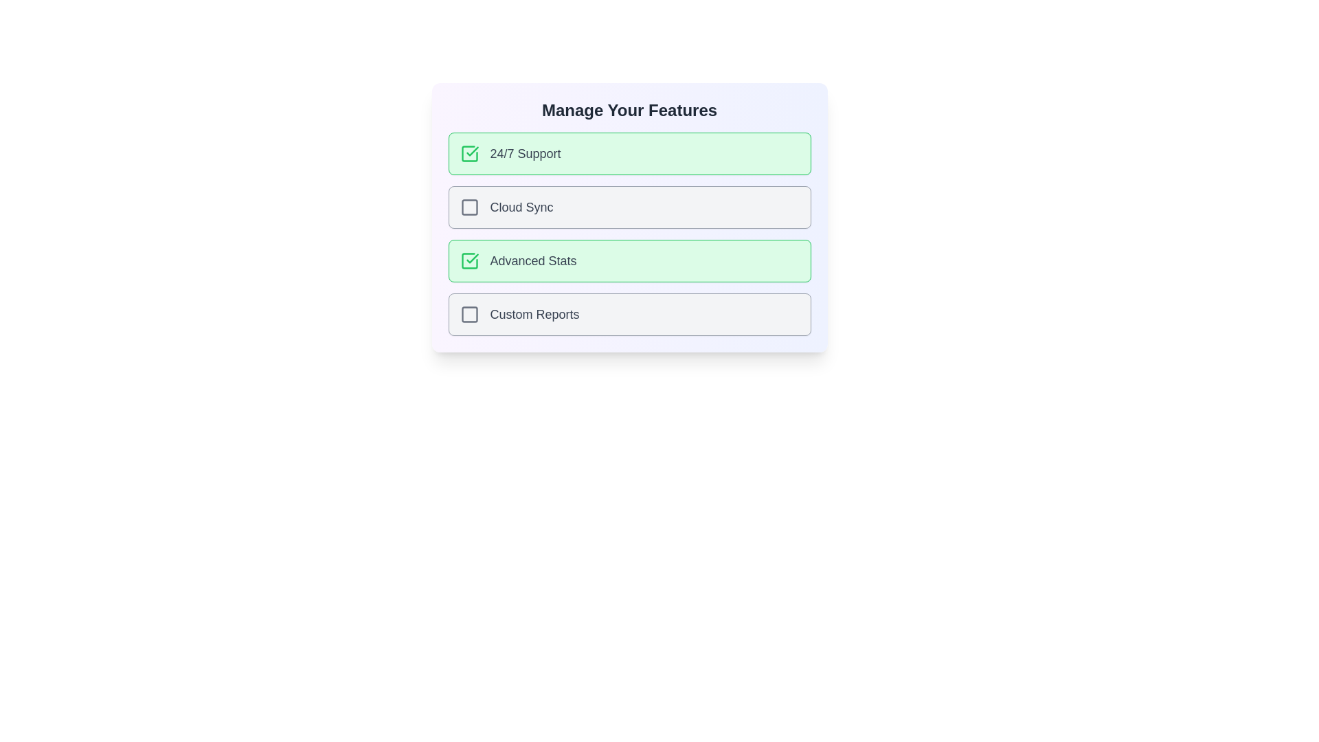 This screenshot has height=742, width=1319. Describe the element at coordinates (469, 261) in the screenshot. I see `the green checkbox indicator (checked state) located to the left of 'Advanced Stats' in the 'Manage Your Features' list` at that location.